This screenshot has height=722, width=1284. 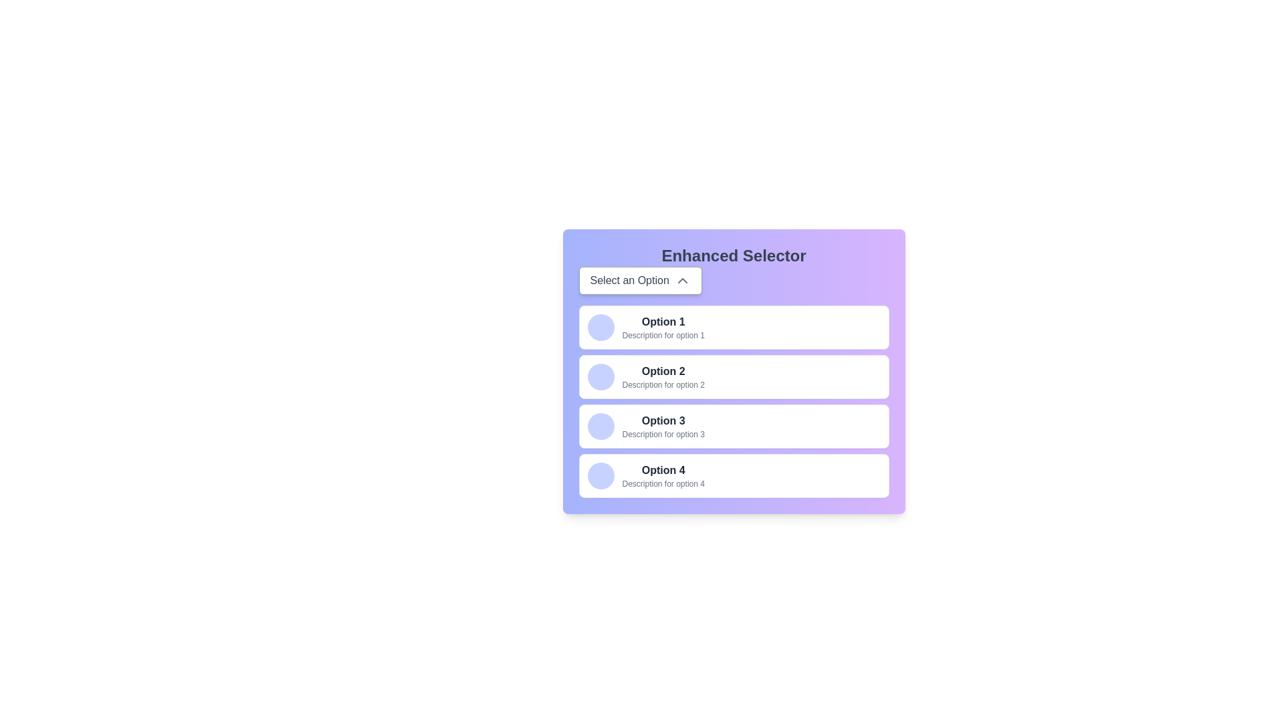 What do you see at coordinates (733, 475) in the screenshot?
I see `to select 'Option 4' from the Card-style selectable list item located at the bottom of the vertical list` at bounding box center [733, 475].